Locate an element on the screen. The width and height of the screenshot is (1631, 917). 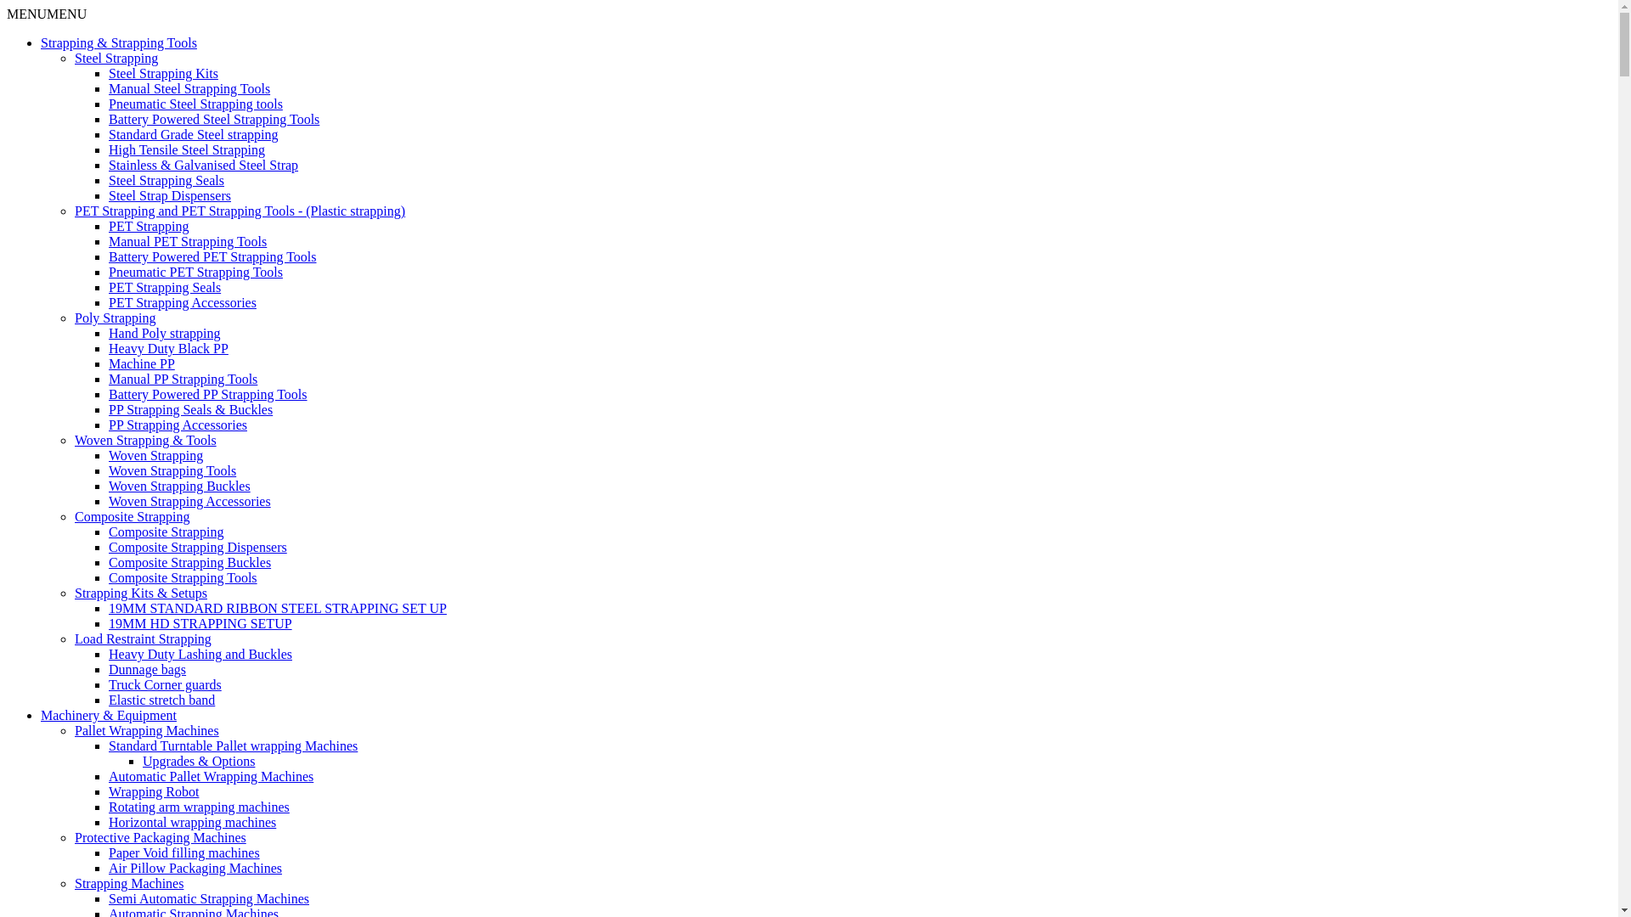
'Woven Strapping & Tools' is located at coordinates (145, 439).